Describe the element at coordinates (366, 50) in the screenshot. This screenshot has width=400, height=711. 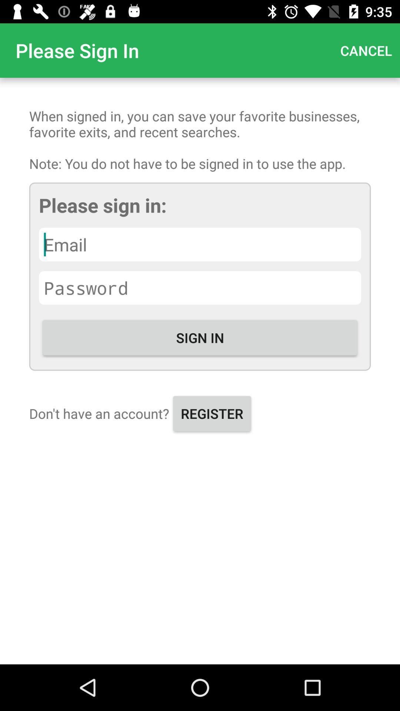
I see `the app next to please sign in item` at that location.